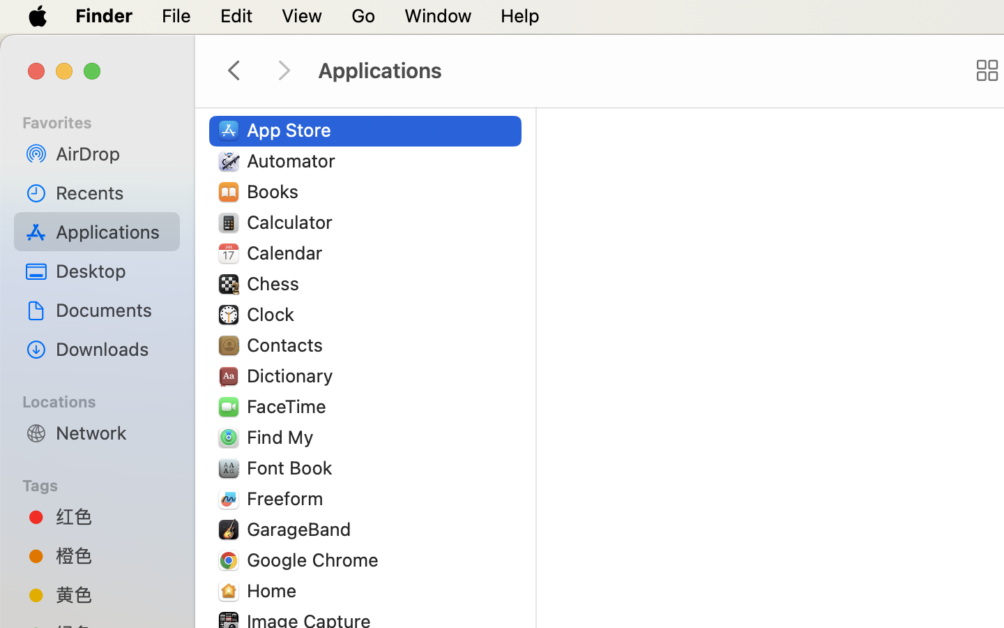  Describe the element at coordinates (111, 348) in the screenshot. I see `'Downloads'` at that location.